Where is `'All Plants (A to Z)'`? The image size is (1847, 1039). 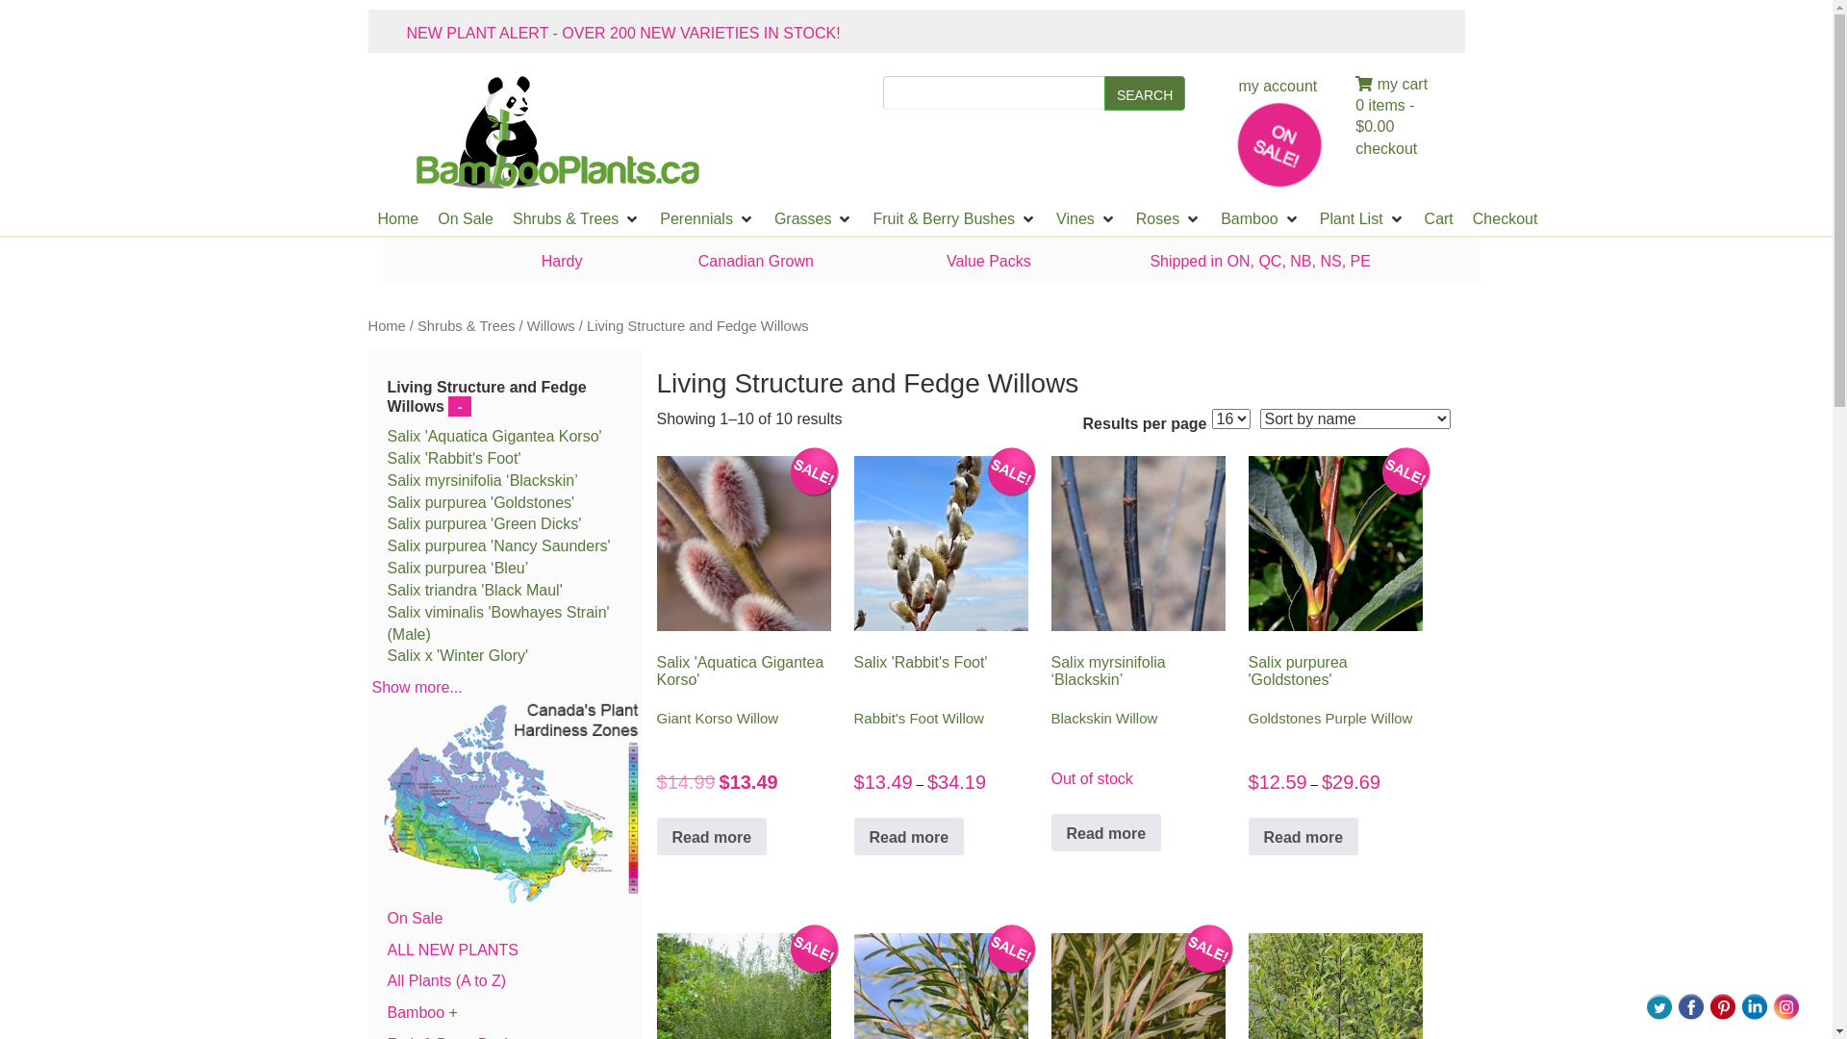
'All Plants (A to Z)' is located at coordinates (445, 980).